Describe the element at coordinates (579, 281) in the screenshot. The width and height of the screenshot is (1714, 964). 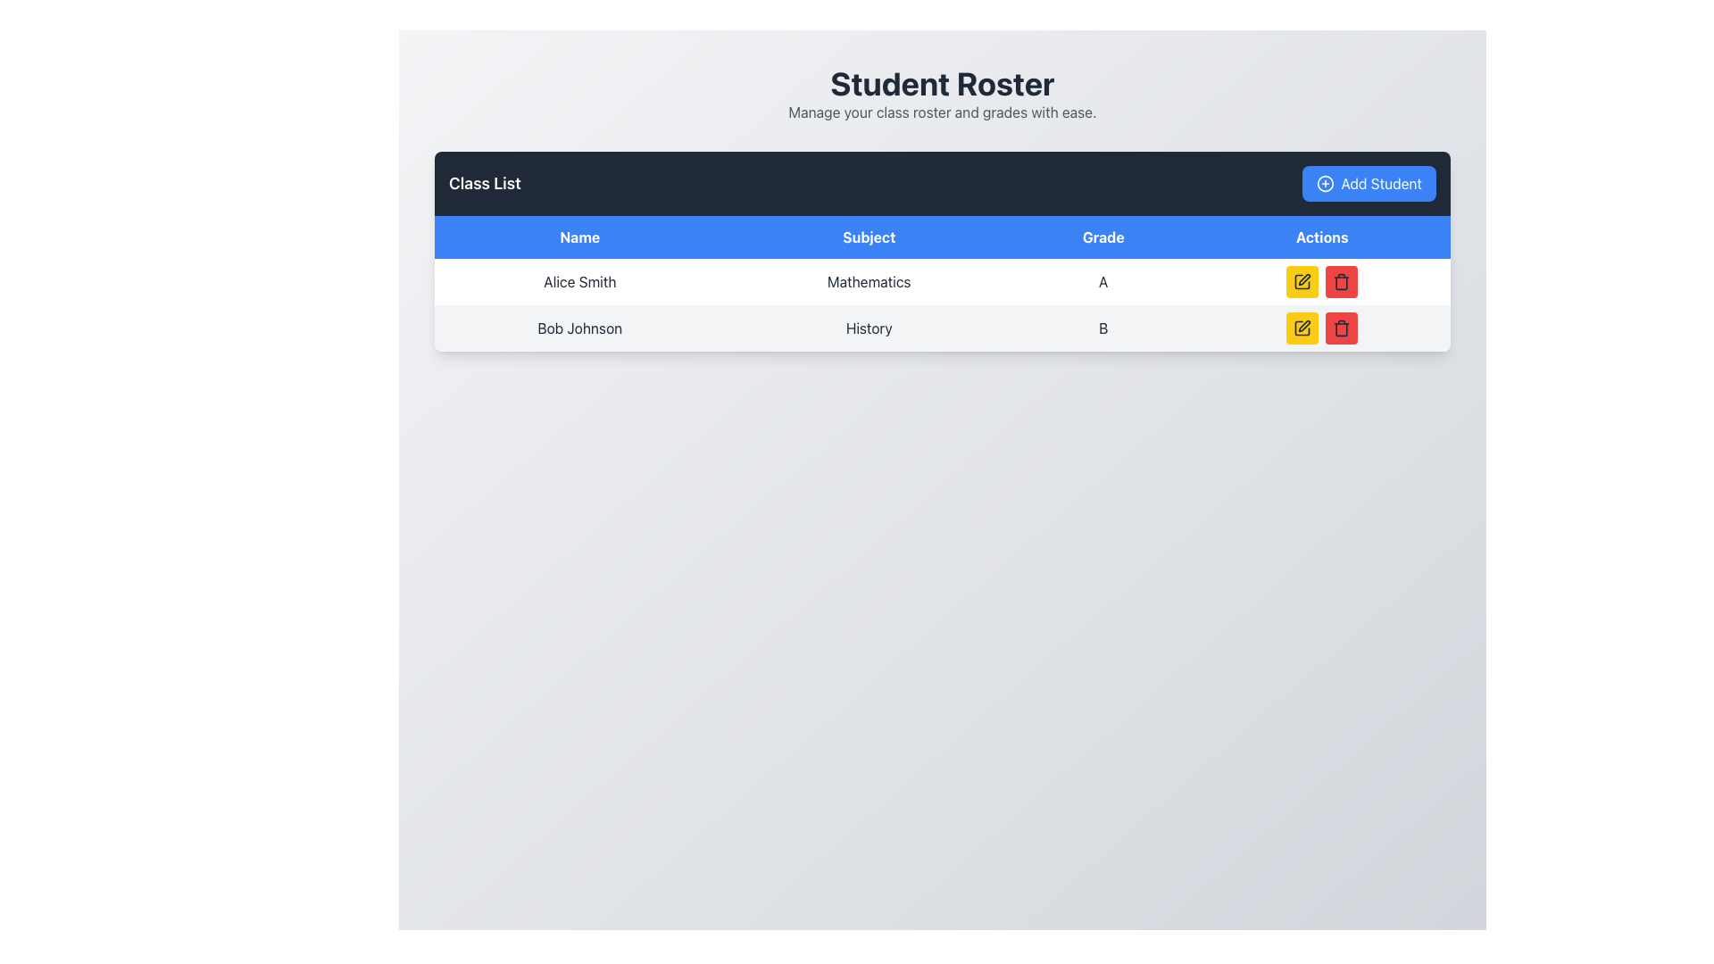
I see `the text element displaying 'Alice Smith' in the 'Name' column of the 'Class List' table, which is part of the student information row` at that location.